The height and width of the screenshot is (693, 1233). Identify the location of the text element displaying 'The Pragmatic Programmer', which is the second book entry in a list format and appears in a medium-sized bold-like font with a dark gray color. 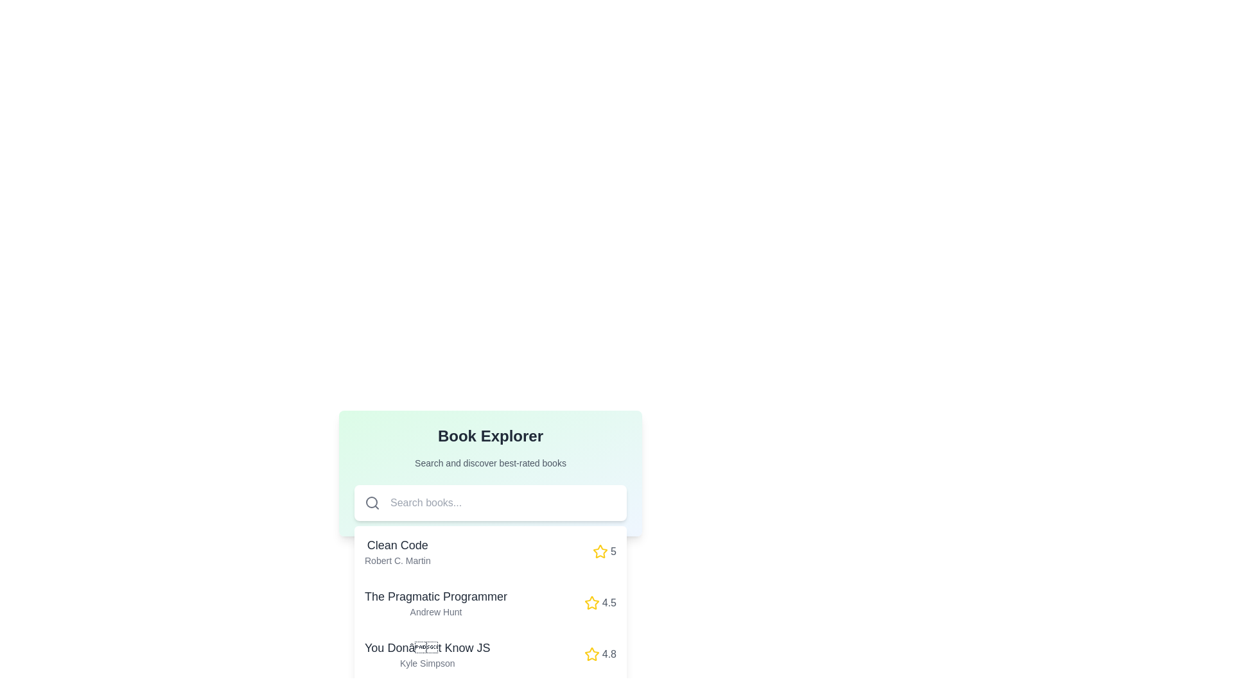
(436, 596).